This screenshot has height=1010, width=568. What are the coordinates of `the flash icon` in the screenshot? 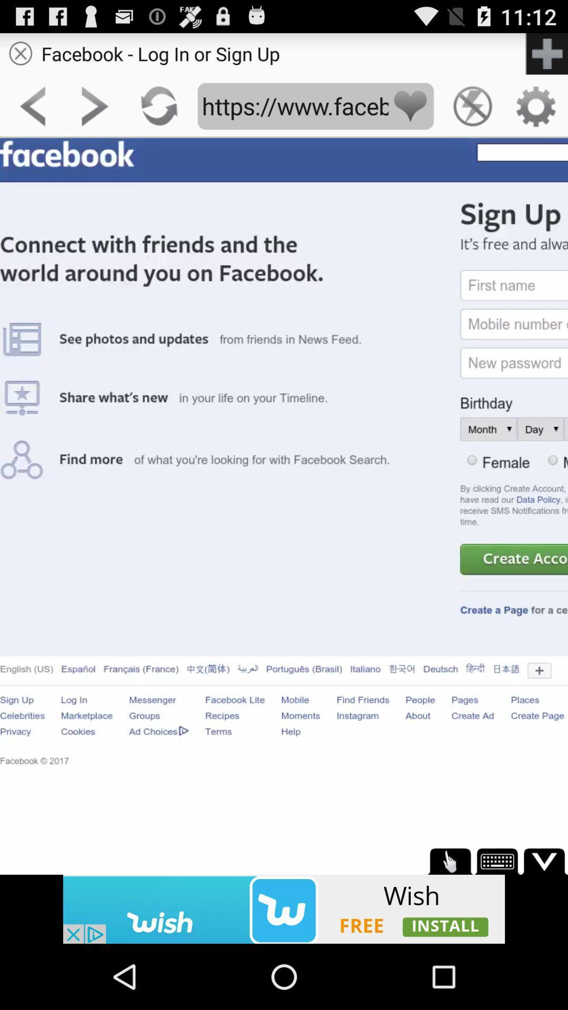 It's located at (472, 114).